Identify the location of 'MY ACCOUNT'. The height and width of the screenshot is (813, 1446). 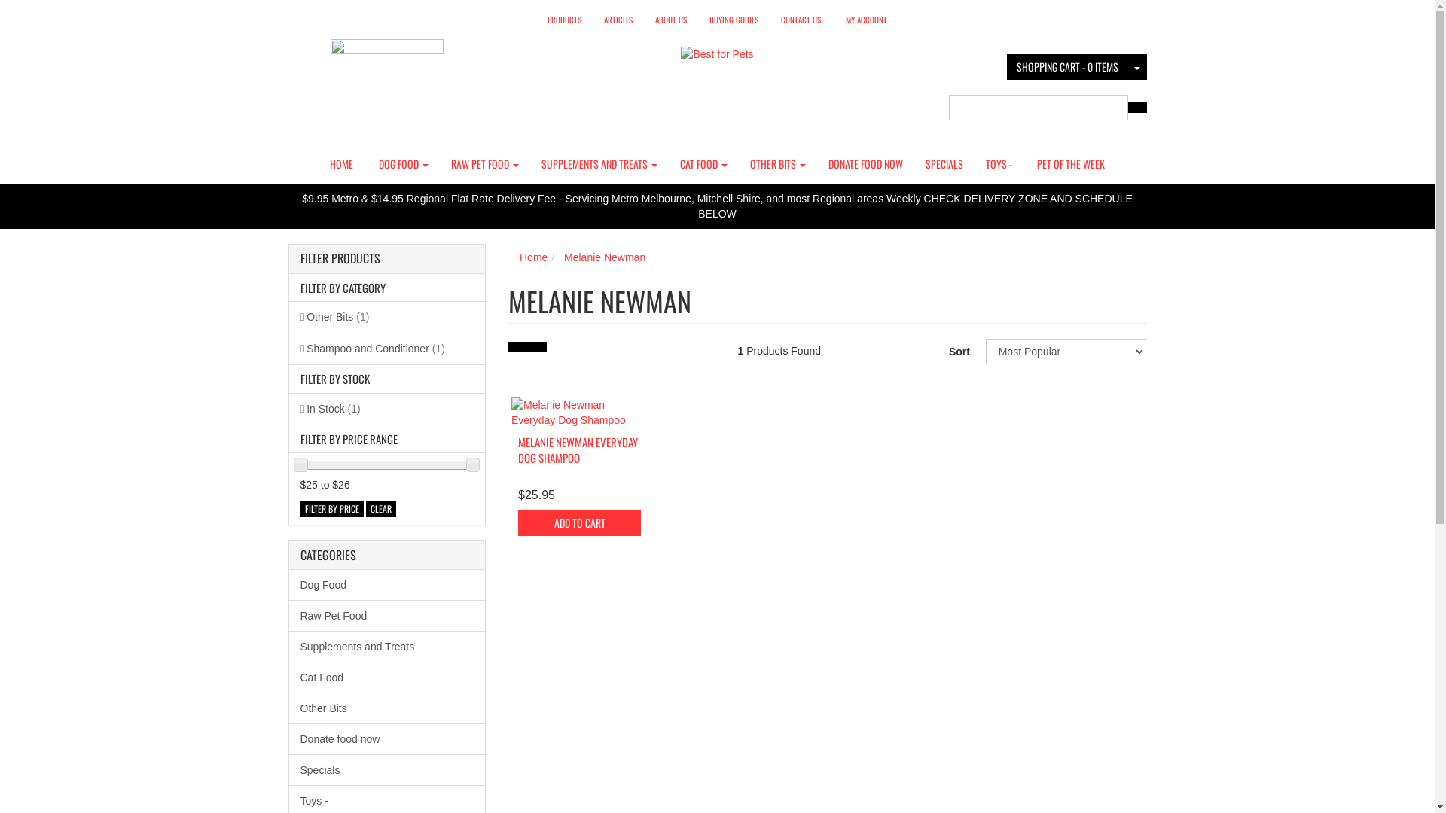
(866, 20).